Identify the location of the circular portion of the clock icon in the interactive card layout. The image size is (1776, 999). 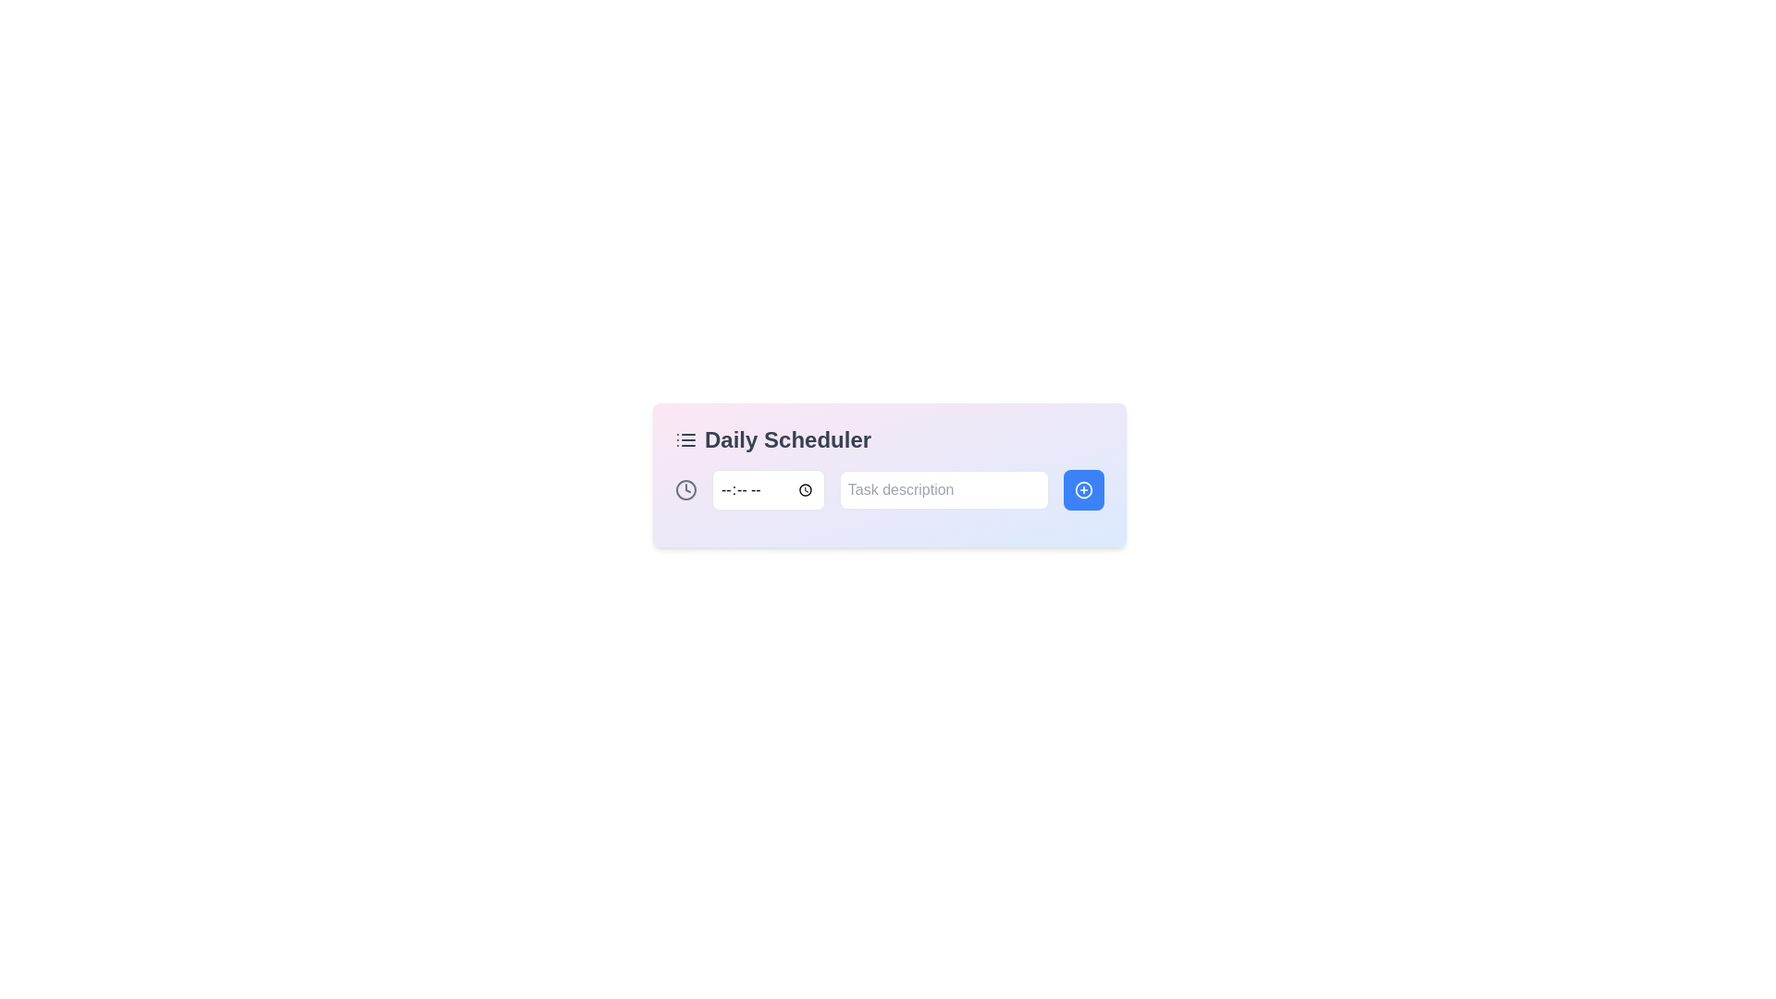
(685, 488).